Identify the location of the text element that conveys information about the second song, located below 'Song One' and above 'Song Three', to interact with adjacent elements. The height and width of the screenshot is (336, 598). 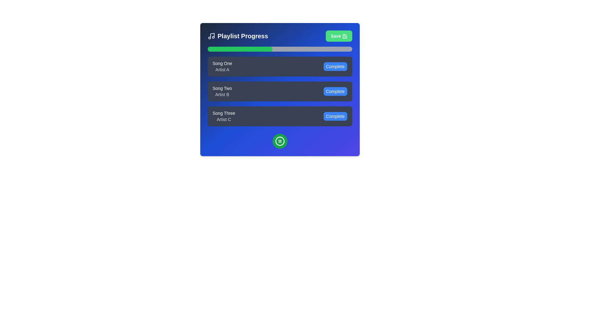
(222, 91).